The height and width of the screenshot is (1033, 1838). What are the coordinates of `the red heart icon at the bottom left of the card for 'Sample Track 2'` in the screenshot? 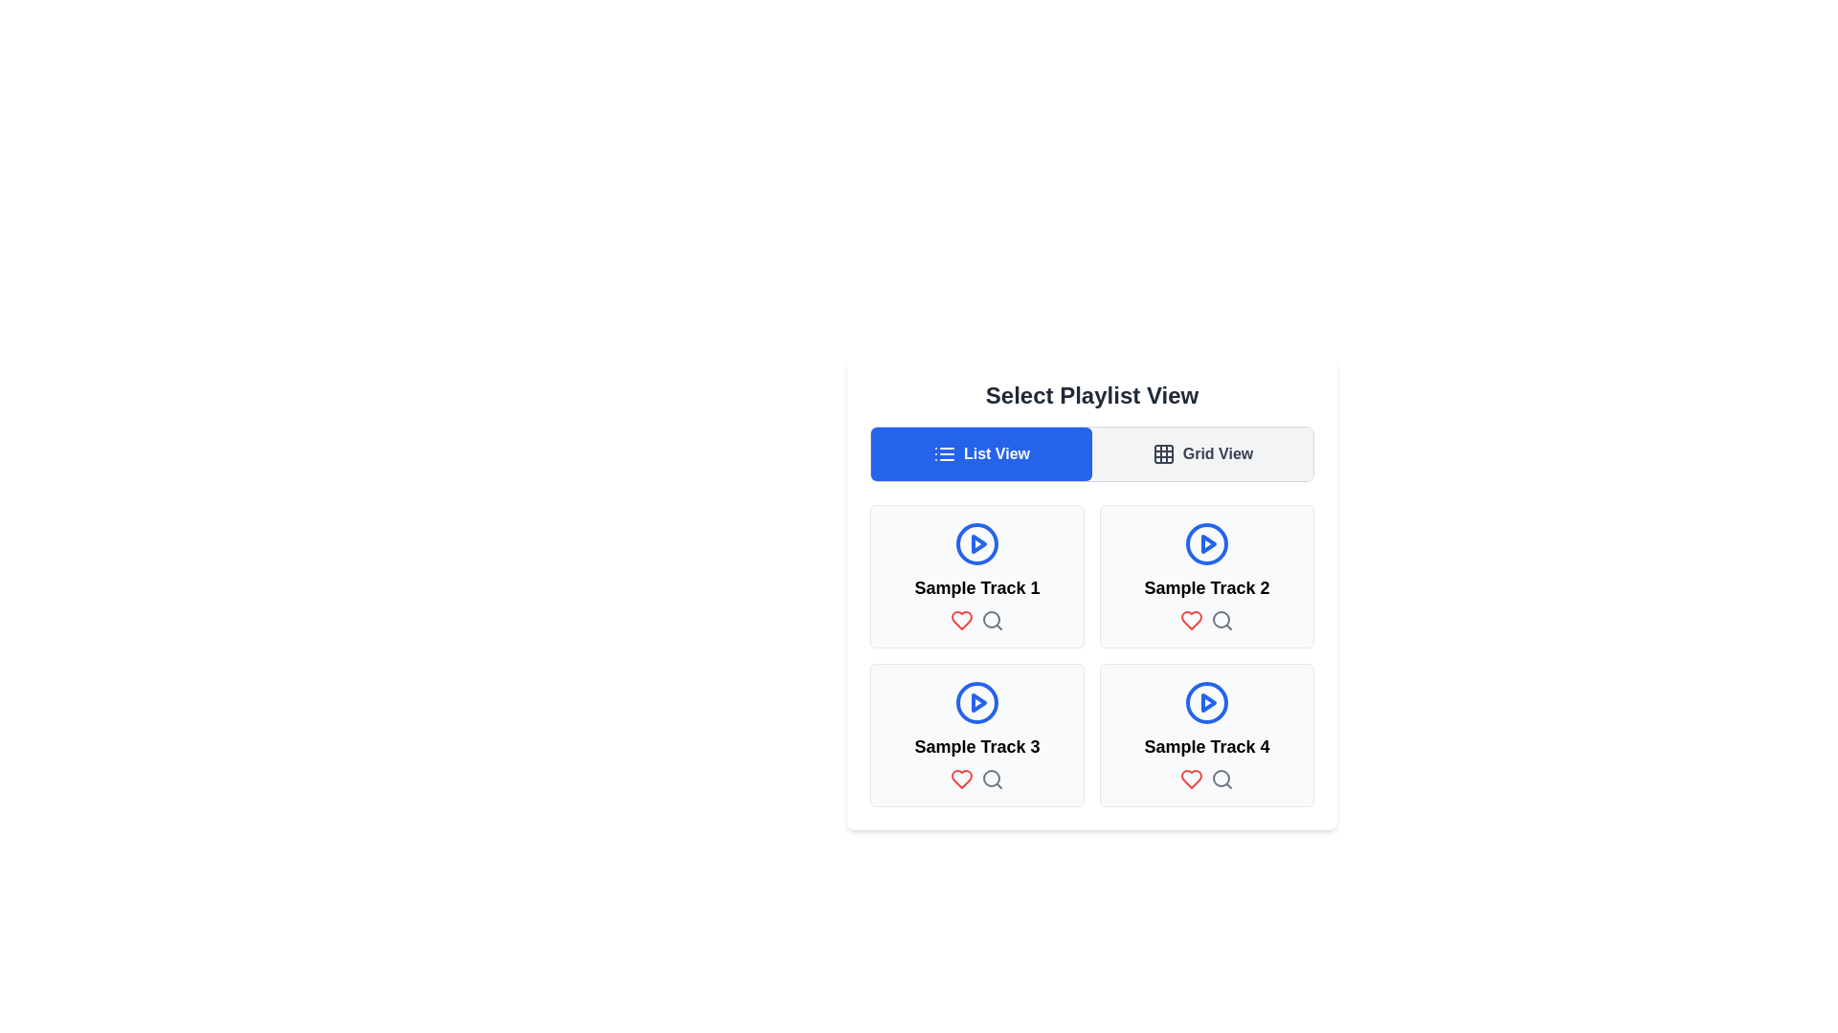 It's located at (1190, 620).